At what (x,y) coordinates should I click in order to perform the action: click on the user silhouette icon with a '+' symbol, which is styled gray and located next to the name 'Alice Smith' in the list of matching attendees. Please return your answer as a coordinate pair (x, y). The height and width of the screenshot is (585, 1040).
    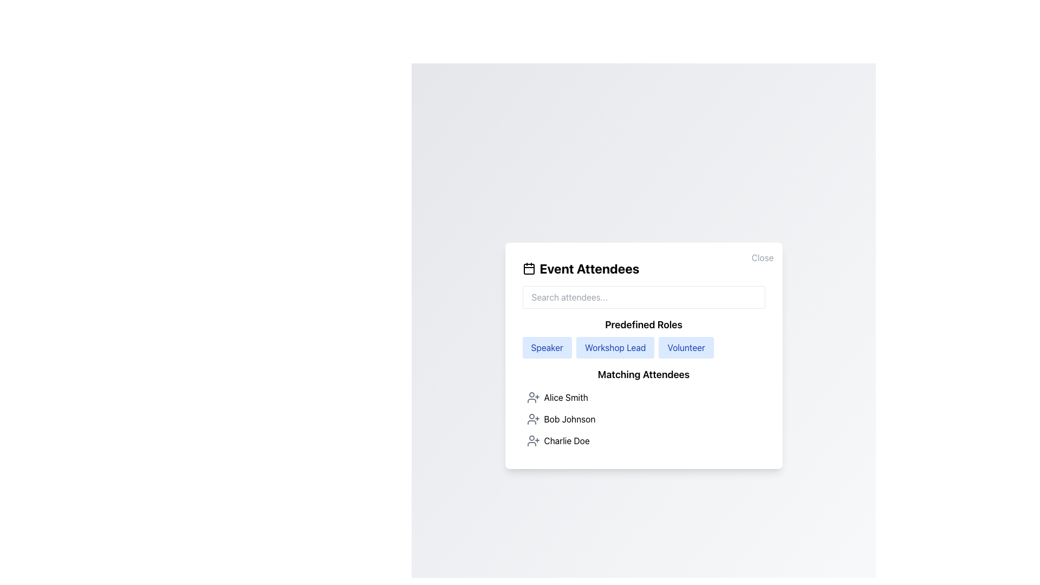
    Looking at the image, I should click on (533, 397).